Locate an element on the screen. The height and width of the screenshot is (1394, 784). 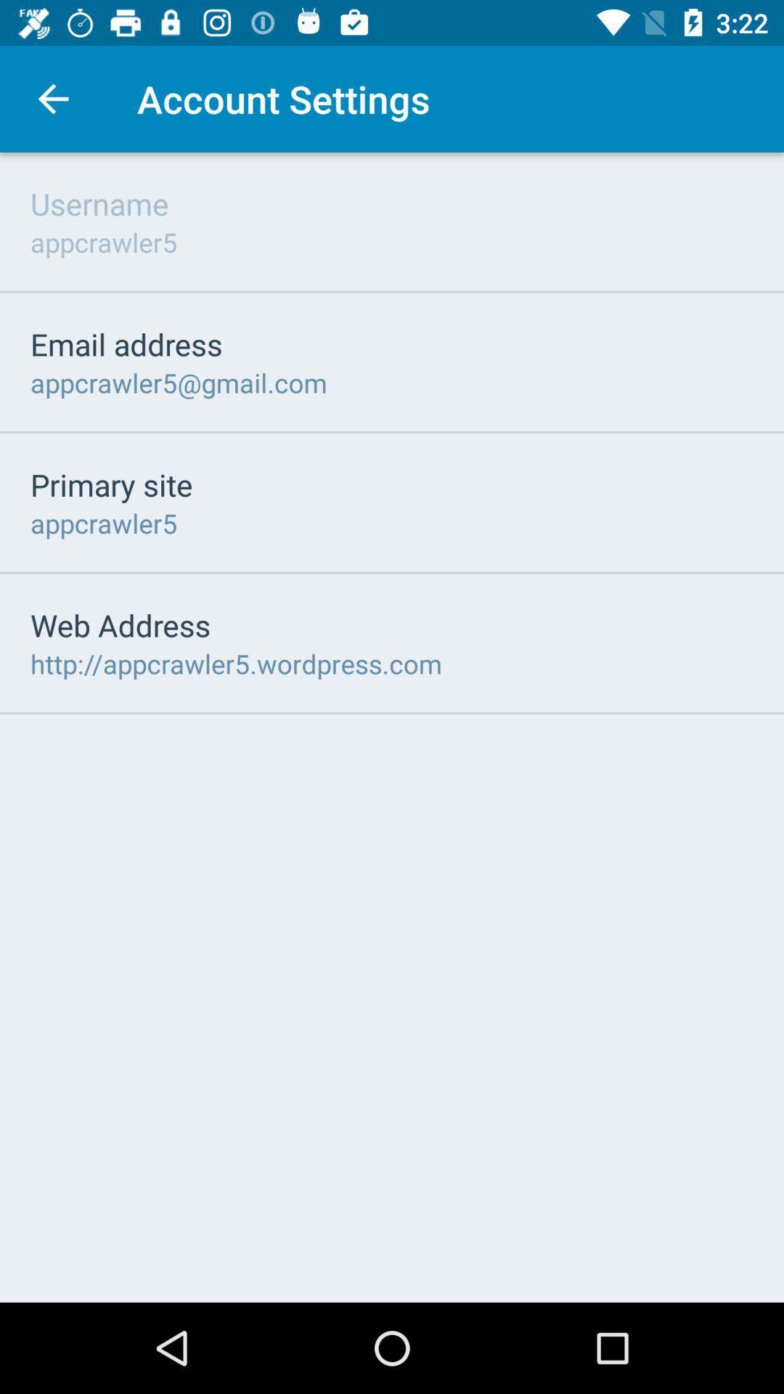
the item next to the account settings is located at coordinates (52, 98).